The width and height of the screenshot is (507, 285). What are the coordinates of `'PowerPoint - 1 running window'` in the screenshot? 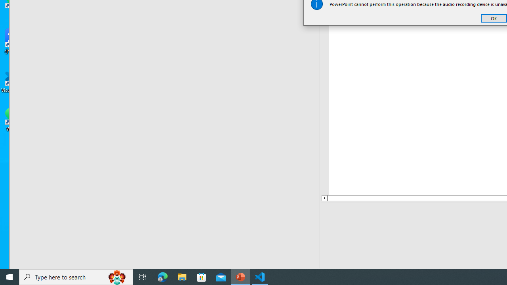 It's located at (240, 276).